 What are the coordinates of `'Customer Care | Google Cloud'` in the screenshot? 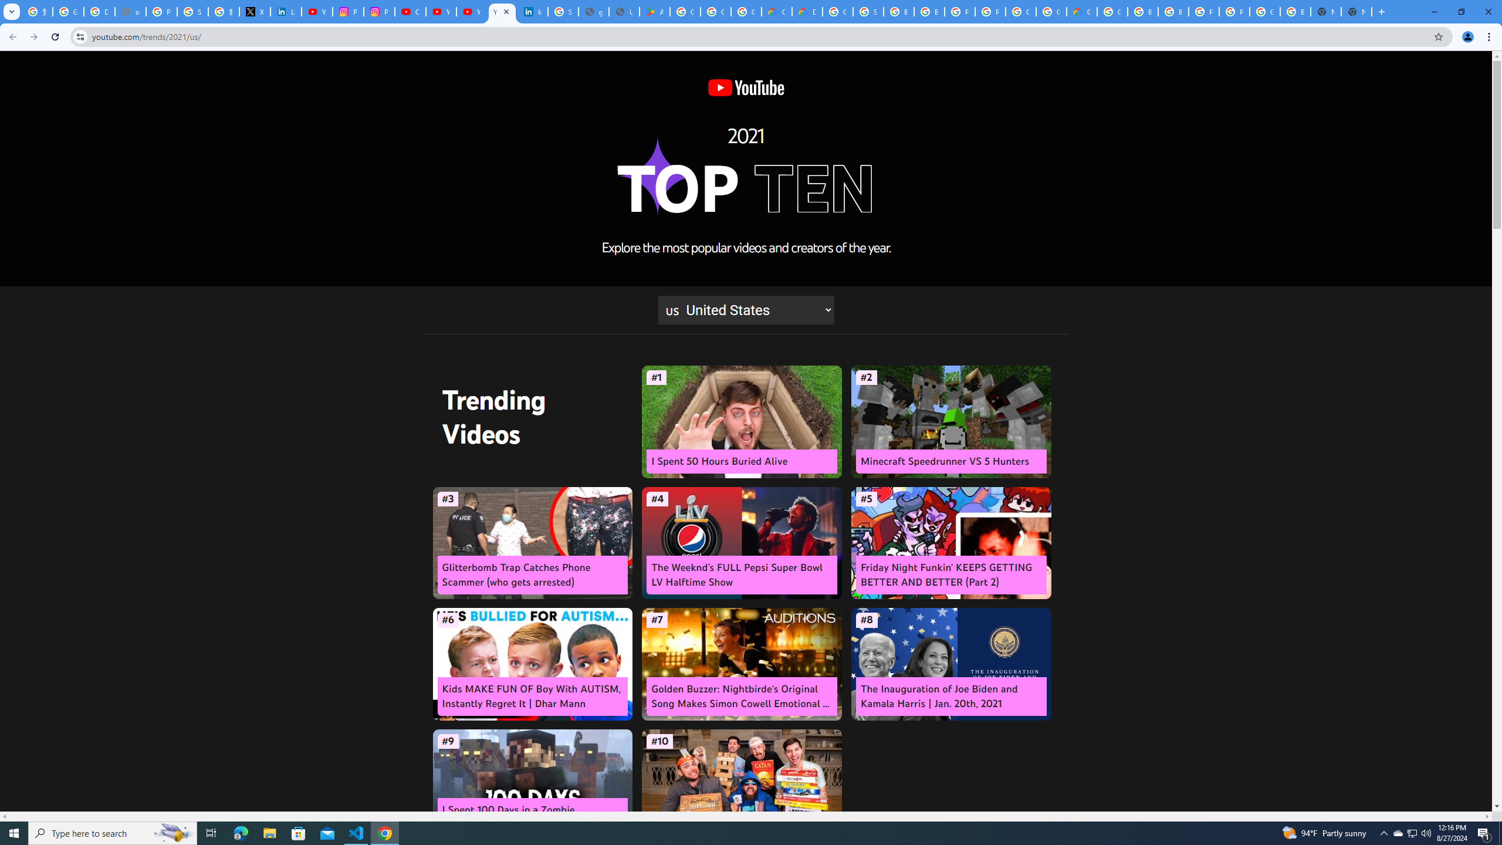 It's located at (777, 11).